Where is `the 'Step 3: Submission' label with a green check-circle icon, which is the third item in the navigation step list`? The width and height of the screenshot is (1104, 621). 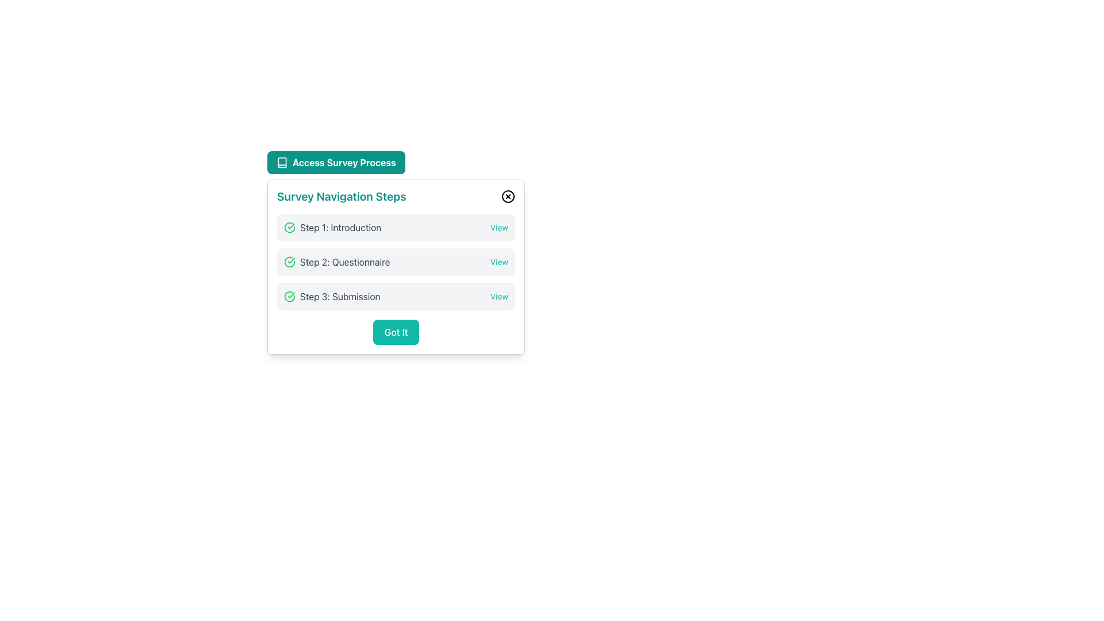
the 'Step 3: Submission' label with a green check-circle icon, which is the third item in the navigation step list is located at coordinates (331, 296).